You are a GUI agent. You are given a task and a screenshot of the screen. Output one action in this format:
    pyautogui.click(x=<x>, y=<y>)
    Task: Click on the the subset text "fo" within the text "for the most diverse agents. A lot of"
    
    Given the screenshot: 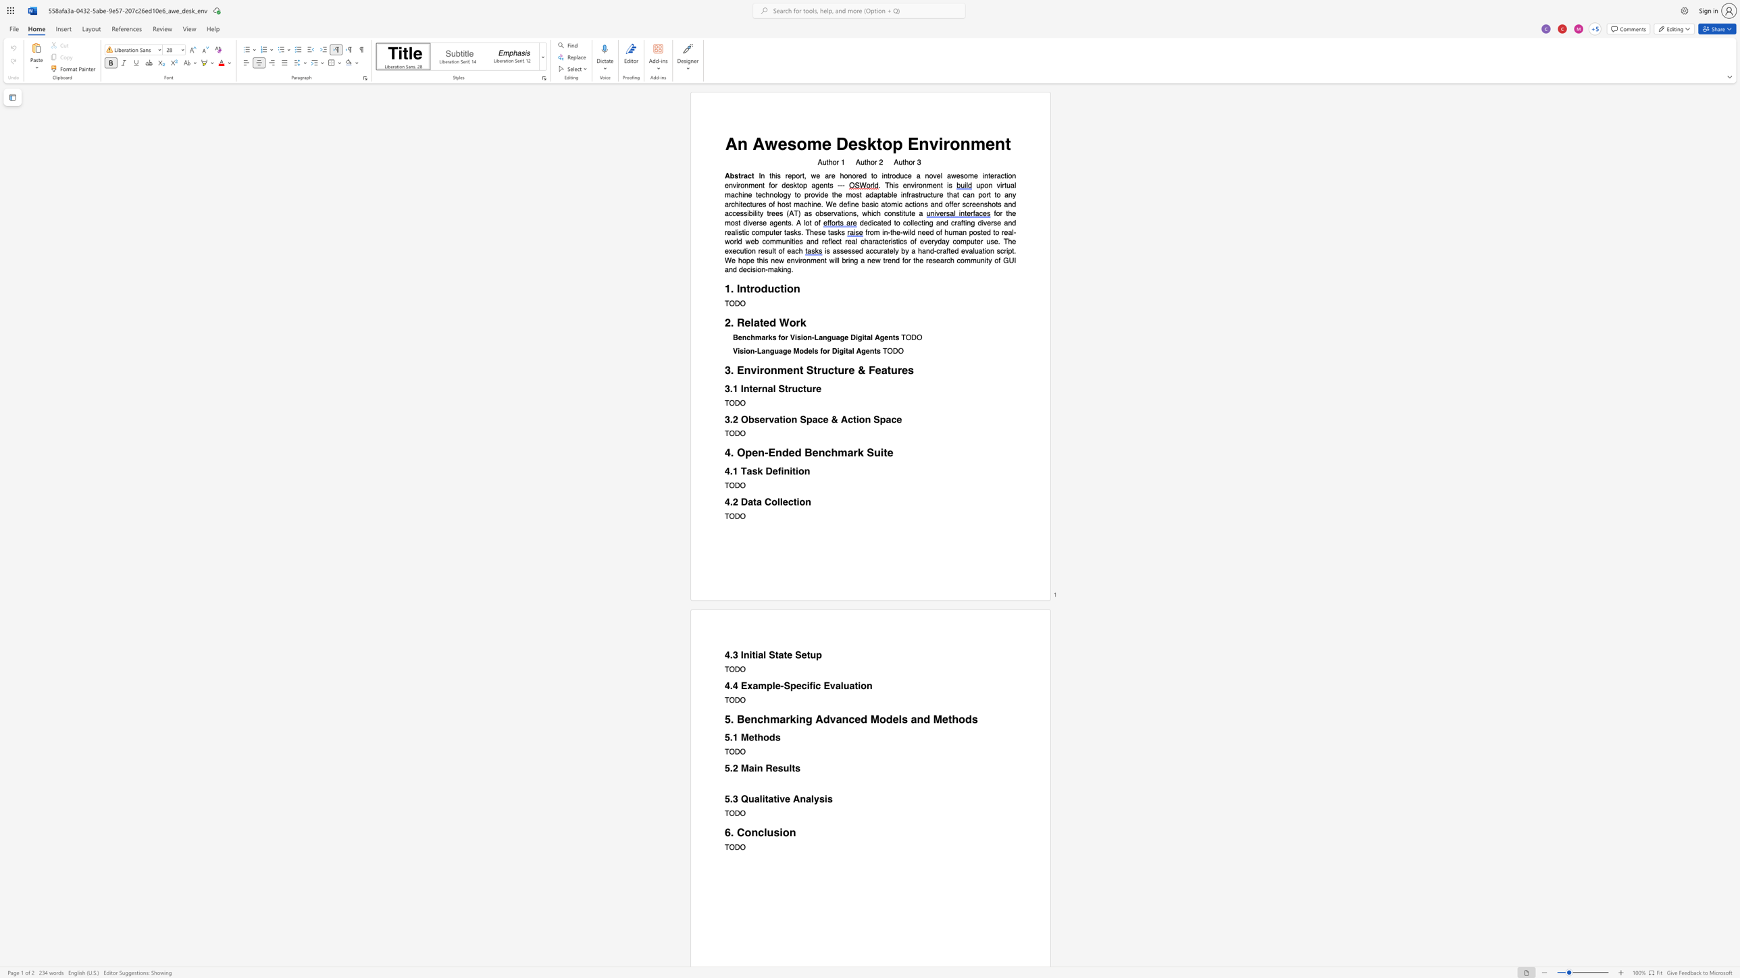 What is the action you would take?
    pyautogui.click(x=993, y=213)
    